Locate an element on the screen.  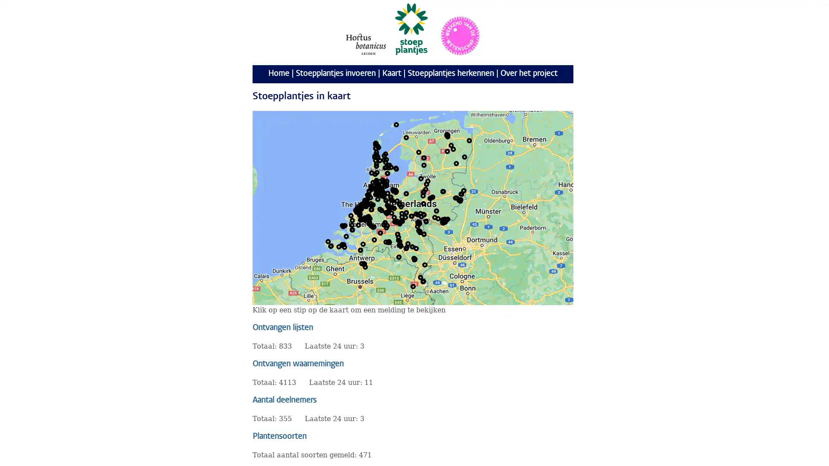
Telling van Cathelijne op 25 mei 2022 is located at coordinates (385, 241).